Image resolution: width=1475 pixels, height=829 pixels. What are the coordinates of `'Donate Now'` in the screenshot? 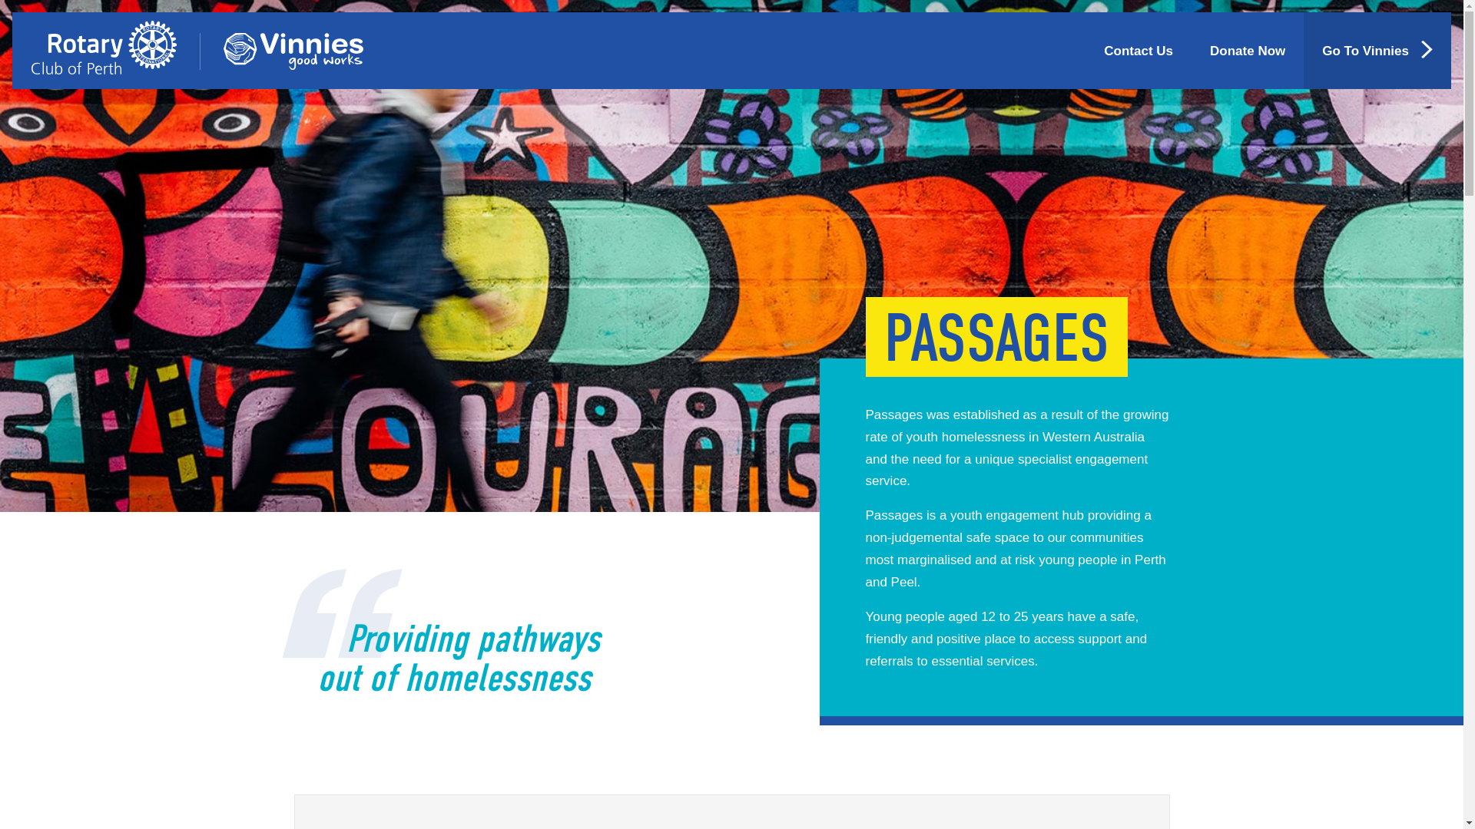 It's located at (1247, 49).